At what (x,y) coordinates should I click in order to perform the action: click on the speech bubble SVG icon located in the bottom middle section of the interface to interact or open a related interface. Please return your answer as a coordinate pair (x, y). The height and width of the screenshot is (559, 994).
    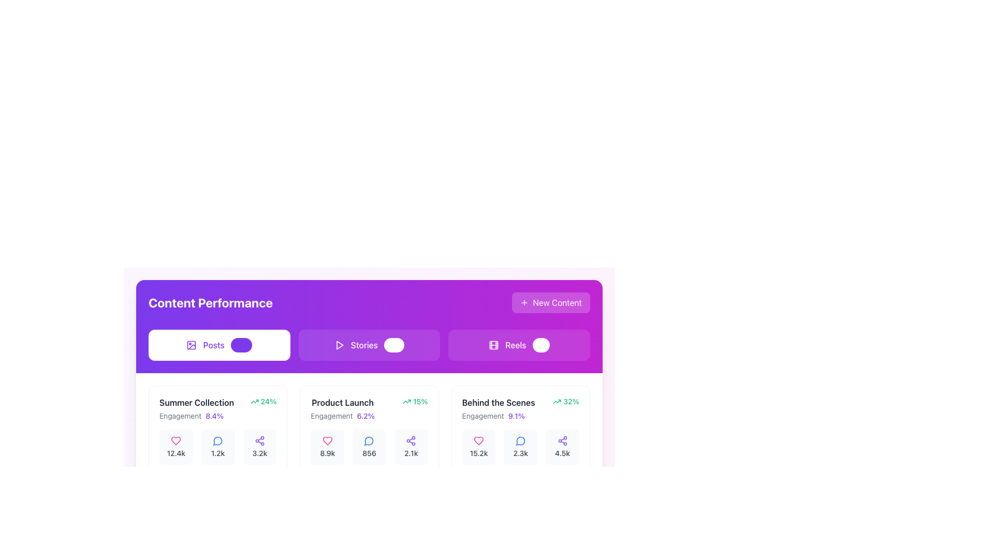
    Looking at the image, I should click on (217, 441).